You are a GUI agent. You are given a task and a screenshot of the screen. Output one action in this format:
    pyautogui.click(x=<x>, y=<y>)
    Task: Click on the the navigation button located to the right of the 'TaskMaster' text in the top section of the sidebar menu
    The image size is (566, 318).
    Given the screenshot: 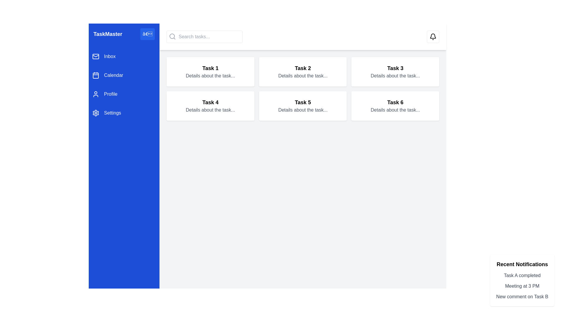 What is the action you would take?
    pyautogui.click(x=147, y=34)
    